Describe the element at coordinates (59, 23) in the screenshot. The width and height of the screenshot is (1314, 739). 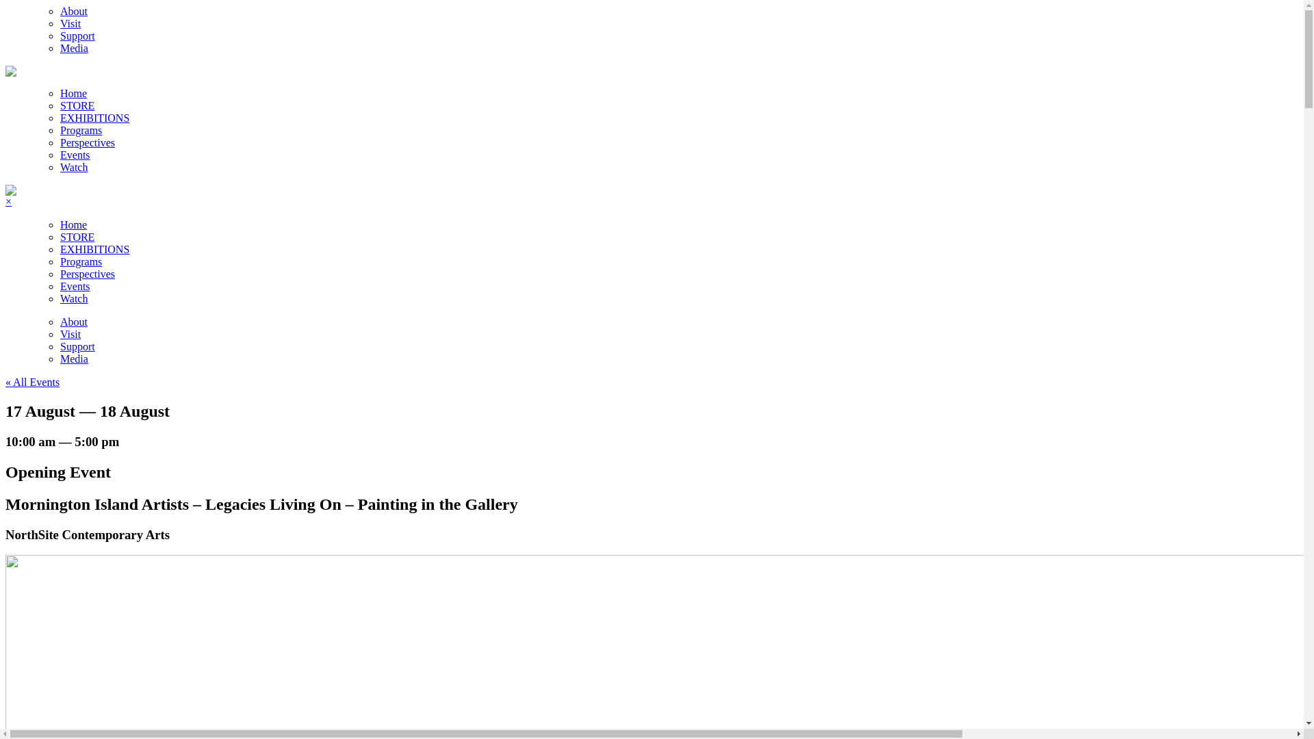
I see `'Visit'` at that location.